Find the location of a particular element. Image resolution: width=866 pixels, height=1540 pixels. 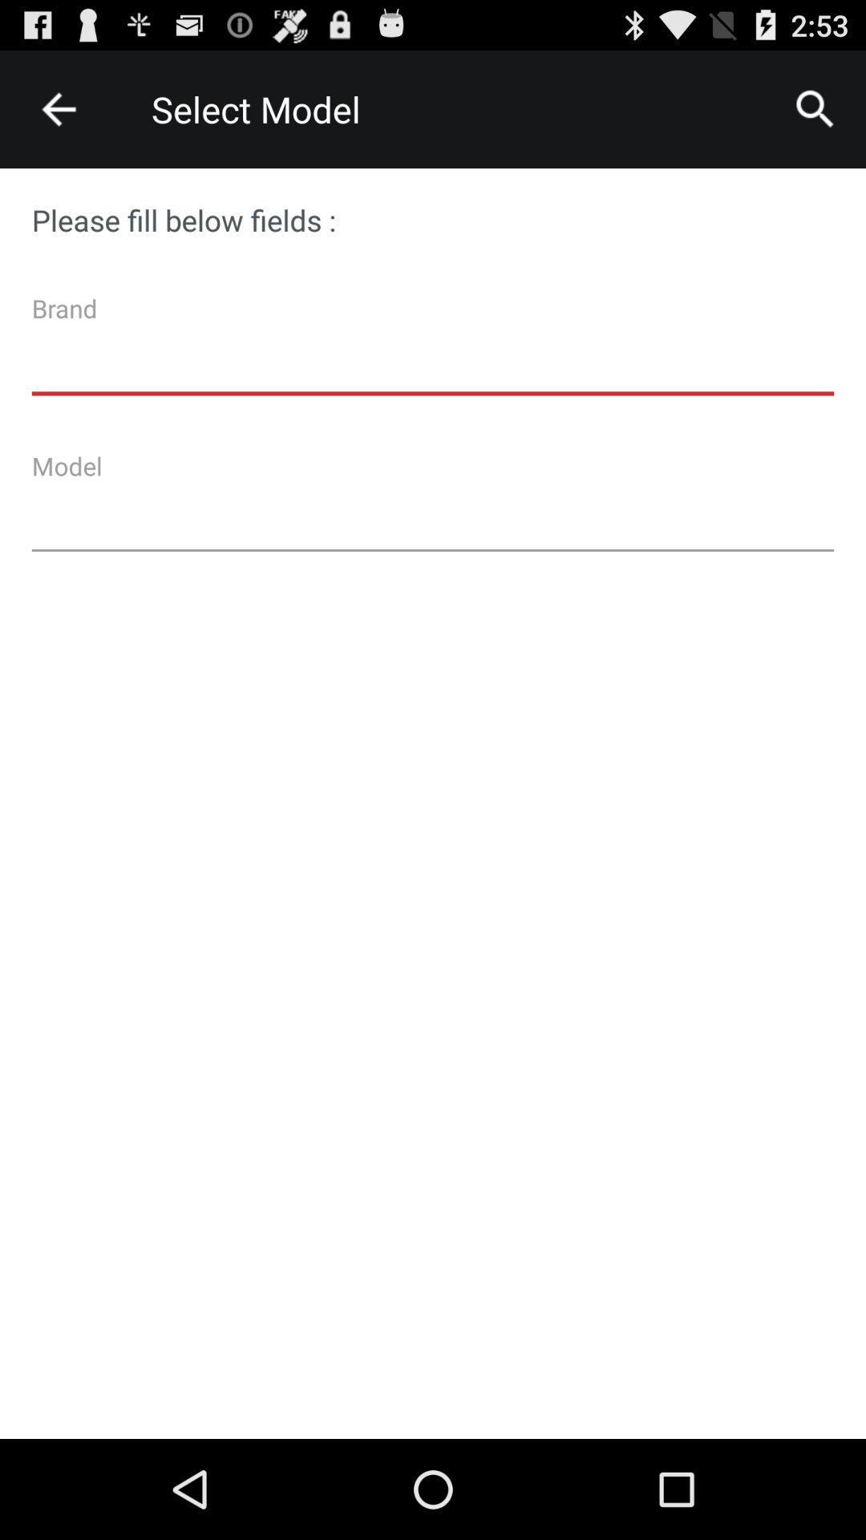

icon next to the select model icon is located at coordinates (815, 108).